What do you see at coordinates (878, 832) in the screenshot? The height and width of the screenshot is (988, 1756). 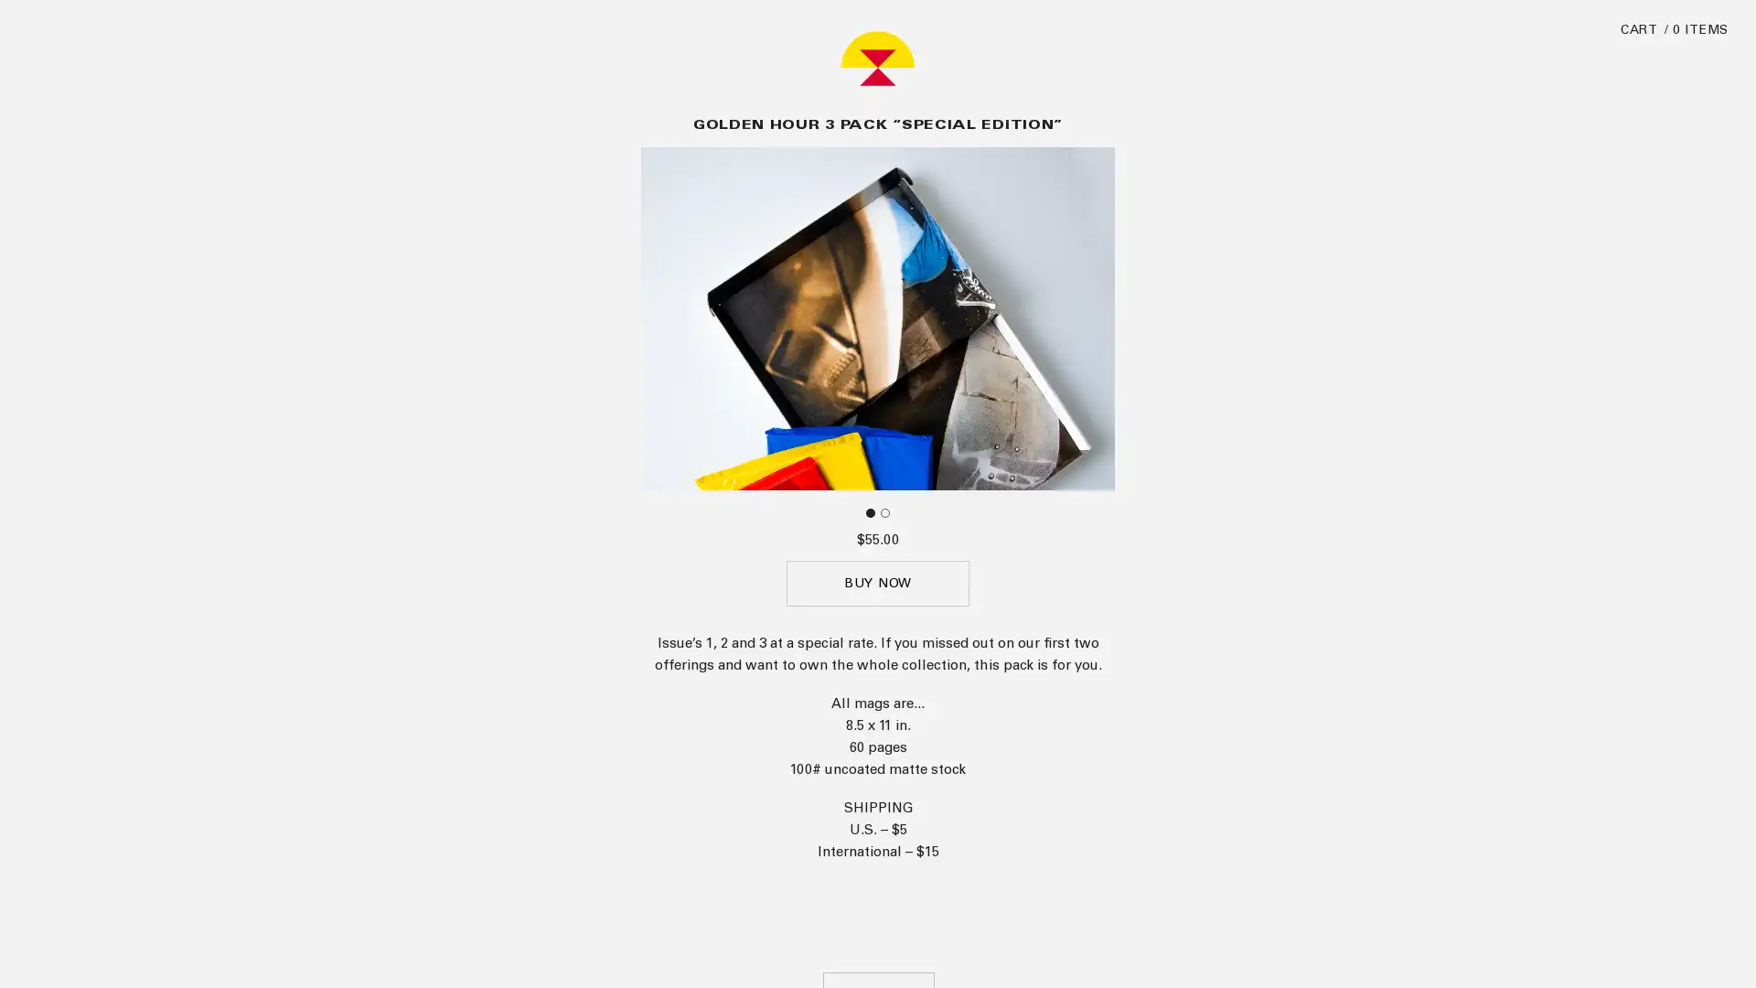 I see `BUY NOW` at bounding box center [878, 832].